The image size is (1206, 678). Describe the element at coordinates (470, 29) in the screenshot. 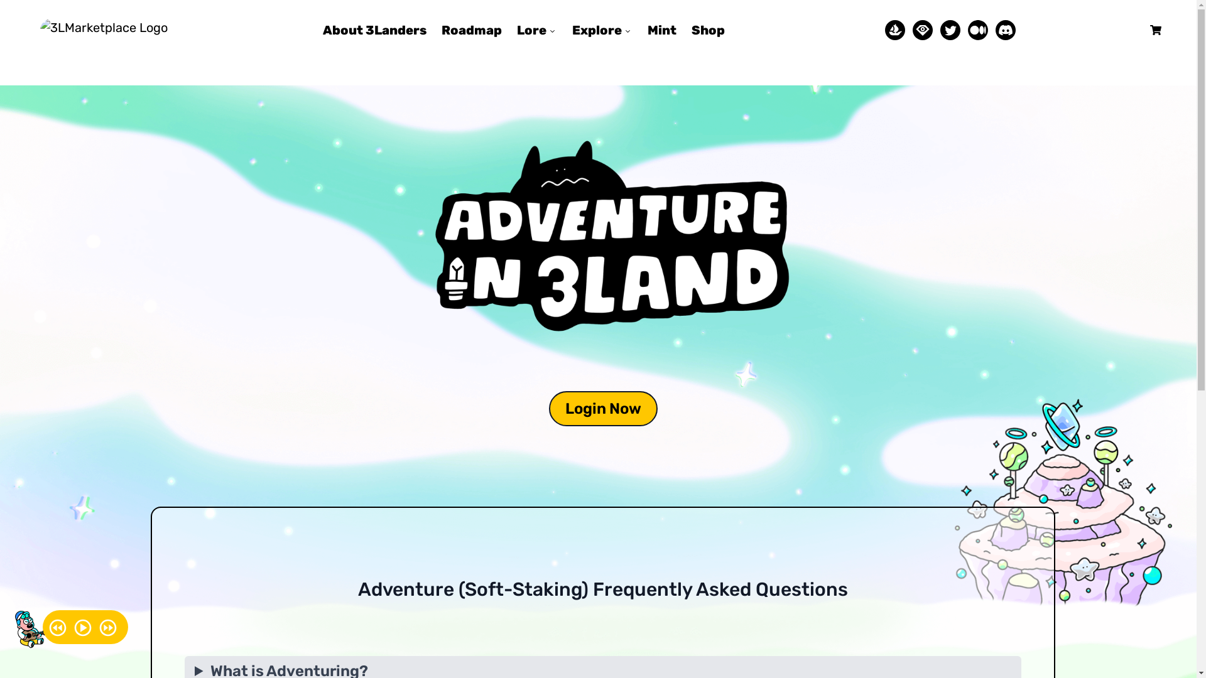

I see `'Roadmap'` at that location.